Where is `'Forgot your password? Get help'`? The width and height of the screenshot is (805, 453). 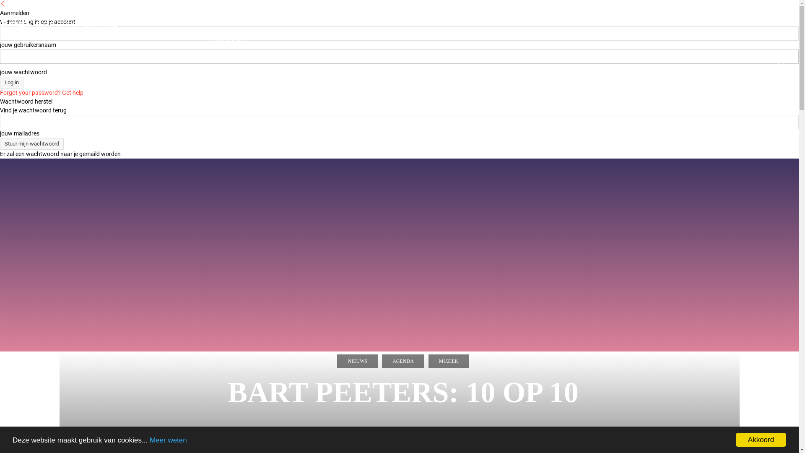 'Forgot your password? Get help' is located at coordinates (41, 92).